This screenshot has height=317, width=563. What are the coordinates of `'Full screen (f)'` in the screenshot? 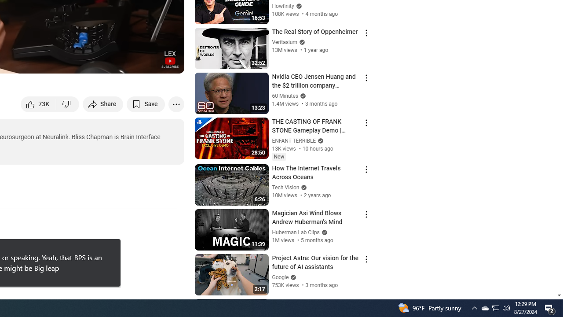 It's located at (168, 62).